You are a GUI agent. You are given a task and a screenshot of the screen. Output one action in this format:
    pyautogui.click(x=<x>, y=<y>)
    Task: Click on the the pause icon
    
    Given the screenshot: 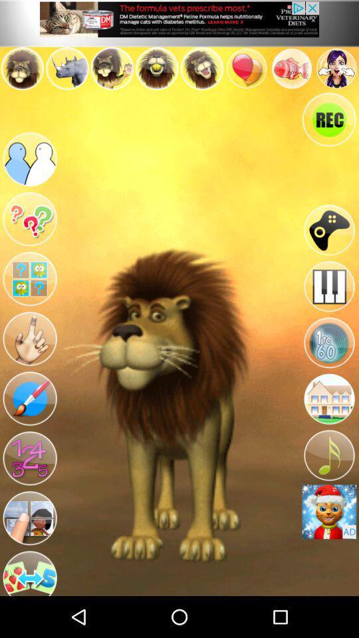 What is the action you would take?
    pyautogui.click(x=328, y=306)
    